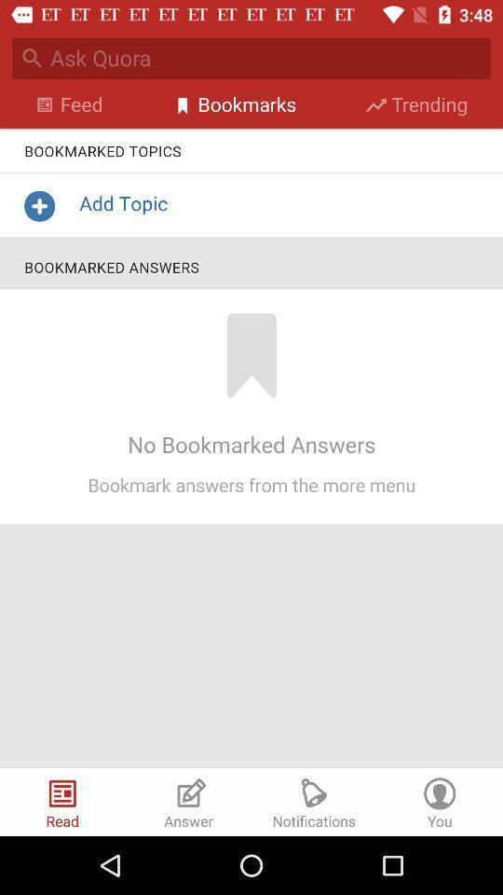 Image resolution: width=503 pixels, height=895 pixels. What do you see at coordinates (440, 791) in the screenshot?
I see `the icon on the bottom right corner of the web page` at bounding box center [440, 791].